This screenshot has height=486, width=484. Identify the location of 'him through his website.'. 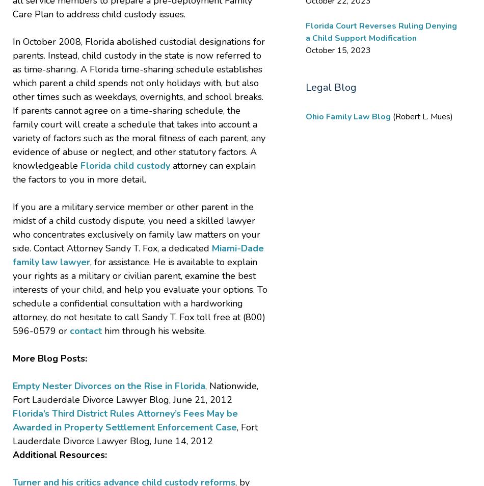
(153, 330).